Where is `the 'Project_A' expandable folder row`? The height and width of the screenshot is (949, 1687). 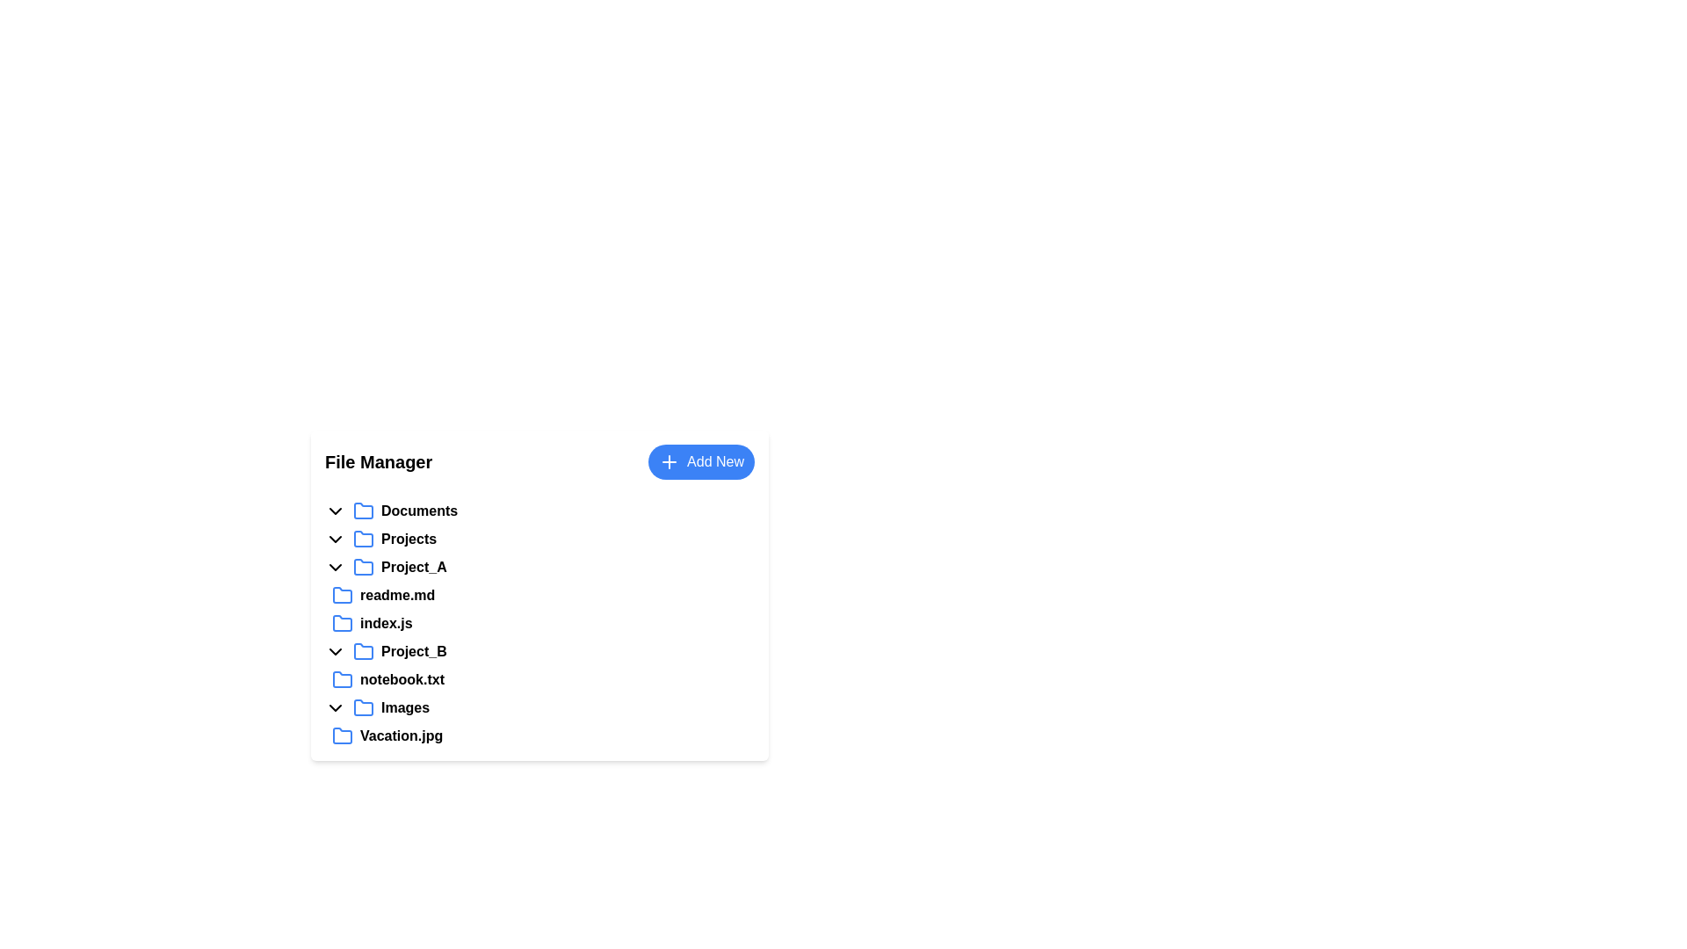
the 'Project_A' expandable folder row is located at coordinates (539, 567).